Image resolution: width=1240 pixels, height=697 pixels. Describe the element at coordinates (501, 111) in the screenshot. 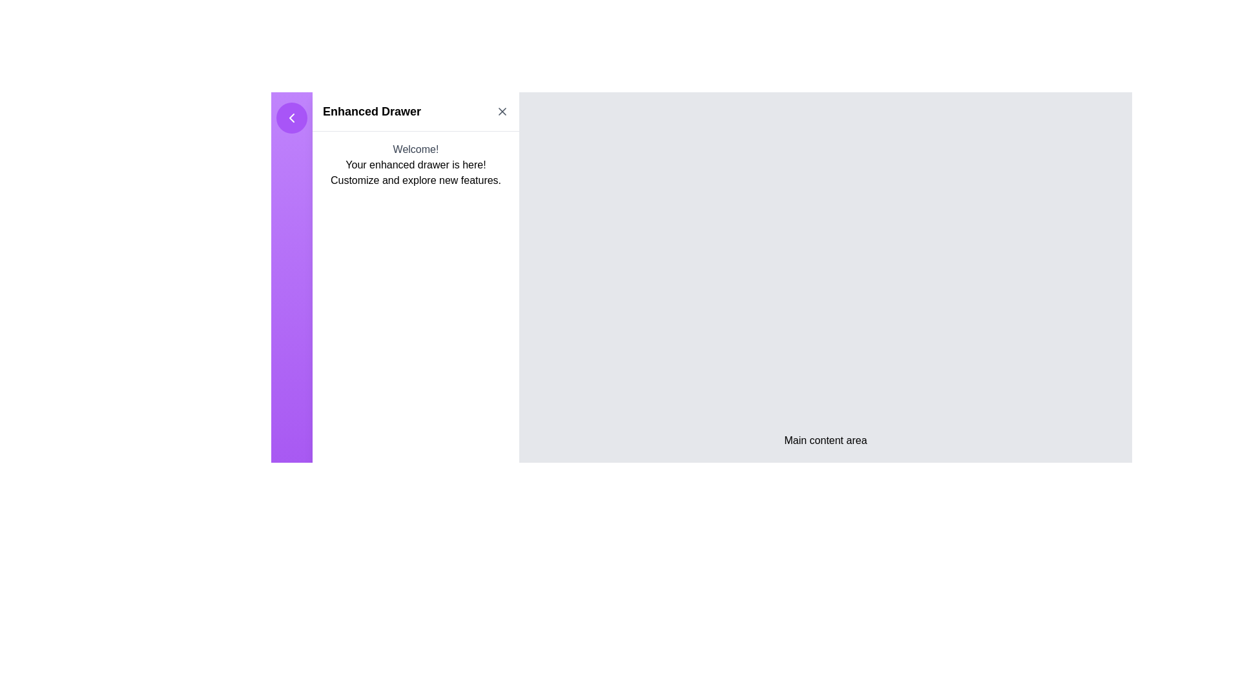

I see `the close button located on the right side of the top header bar of the Enhanced Drawer interface` at that location.